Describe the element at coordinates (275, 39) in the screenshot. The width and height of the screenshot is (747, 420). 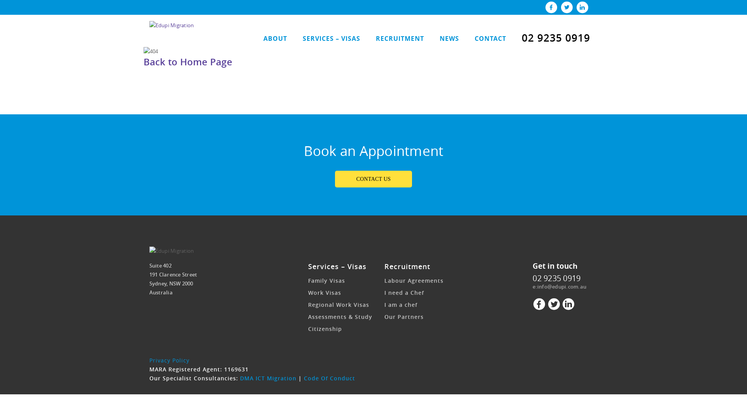
I see `'ABOUT'` at that location.